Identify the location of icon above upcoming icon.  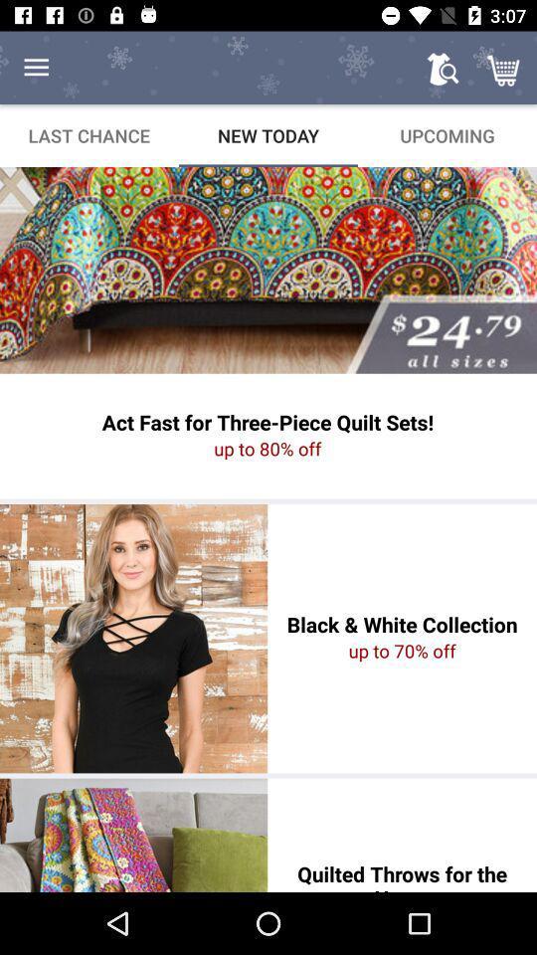
(443, 68).